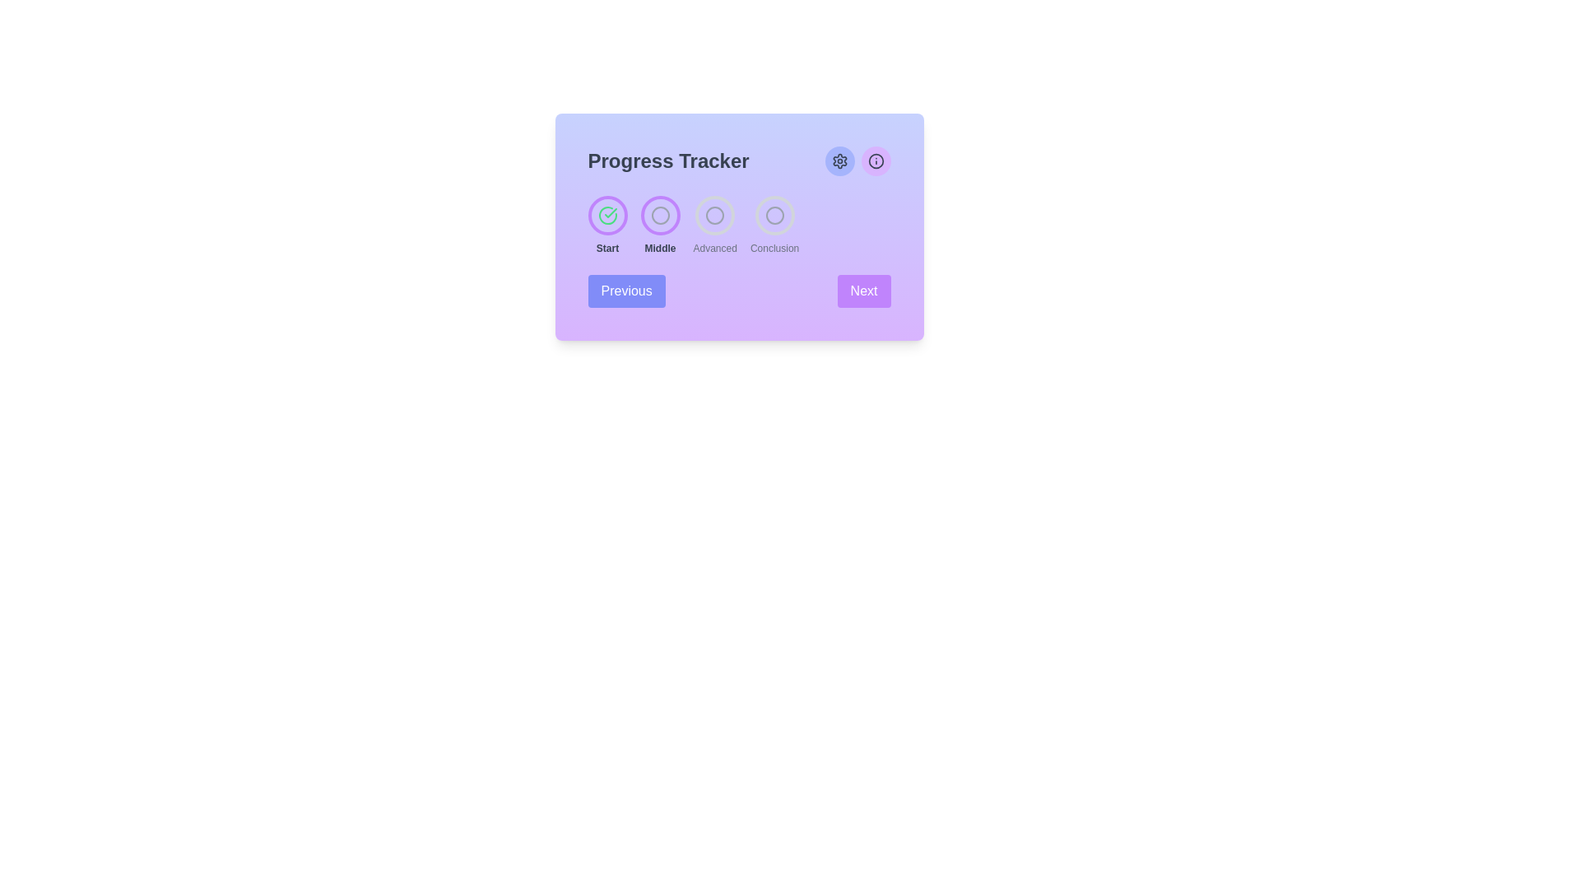  I want to click on the 'Advanced' button in the Progress Tracker section for interaction, so click(715, 225).